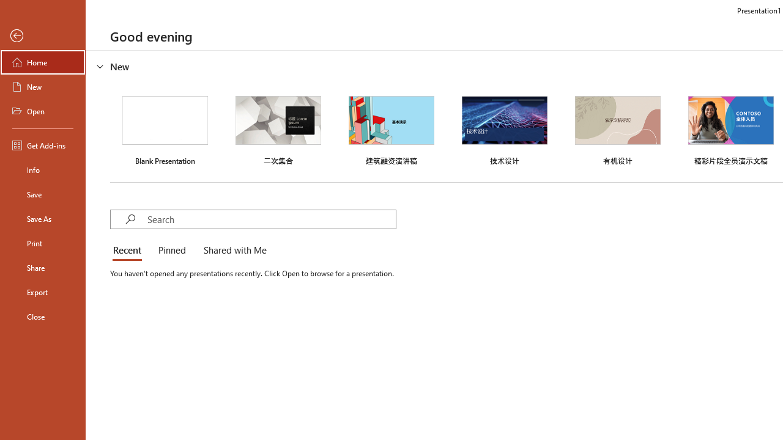  What do you see at coordinates (42, 218) in the screenshot?
I see `'Save As'` at bounding box center [42, 218].